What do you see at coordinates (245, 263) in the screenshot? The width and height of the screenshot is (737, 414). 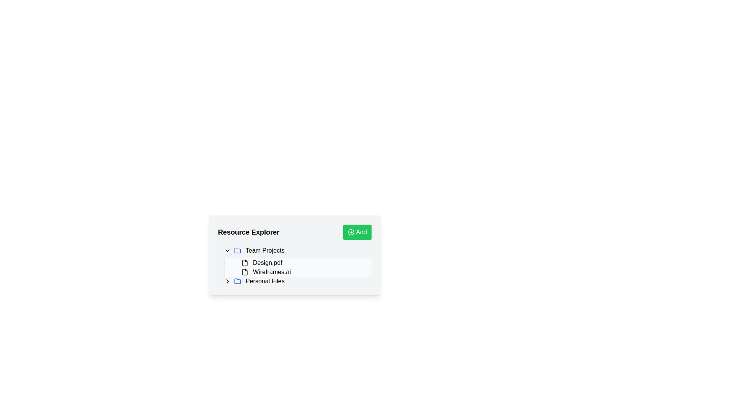 I see `the file icon representing 'Design.pdf'` at bounding box center [245, 263].